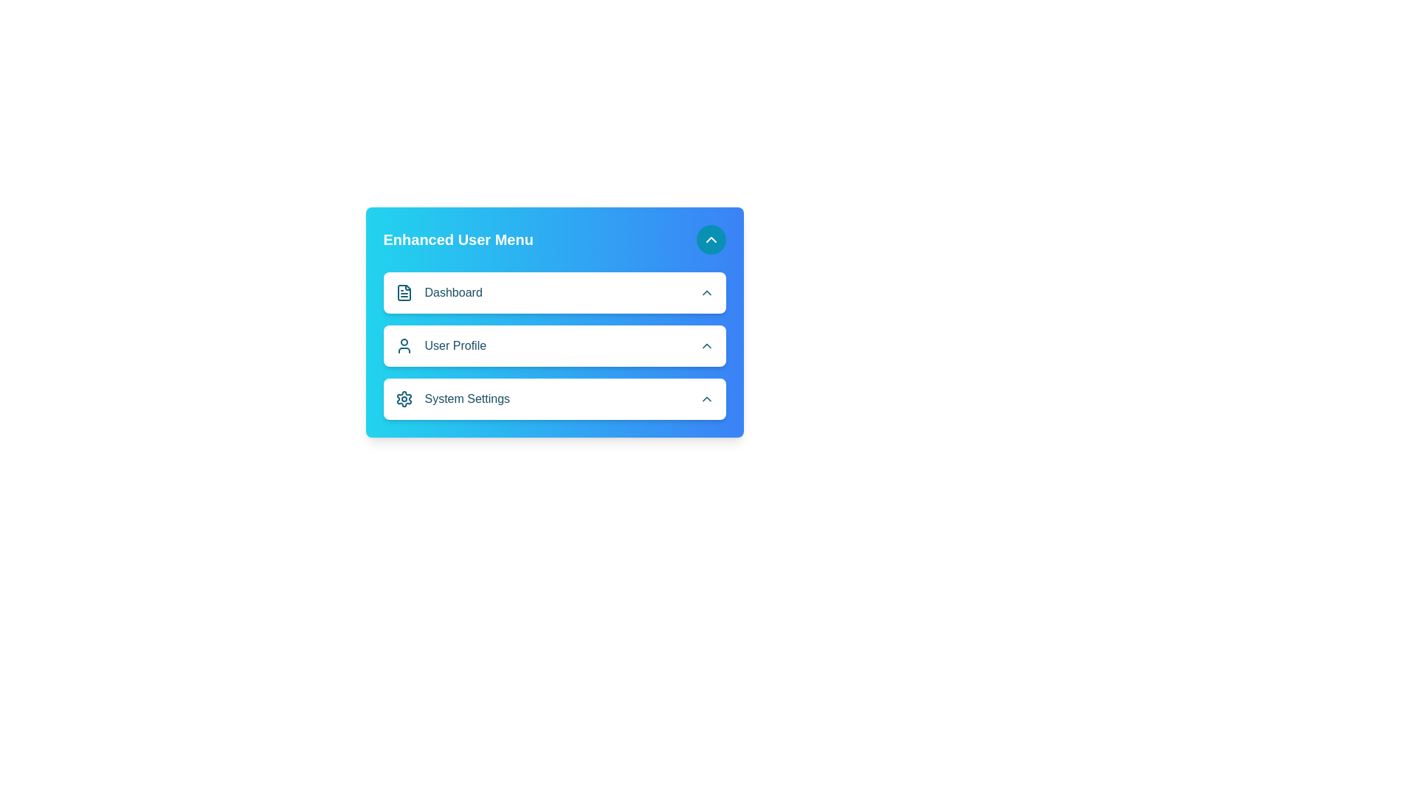 Image resolution: width=1417 pixels, height=797 pixels. What do you see at coordinates (452, 398) in the screenshot?
I see `the last menu option in the 'Enhanced User Menu'` at bounding box center [452, 398].